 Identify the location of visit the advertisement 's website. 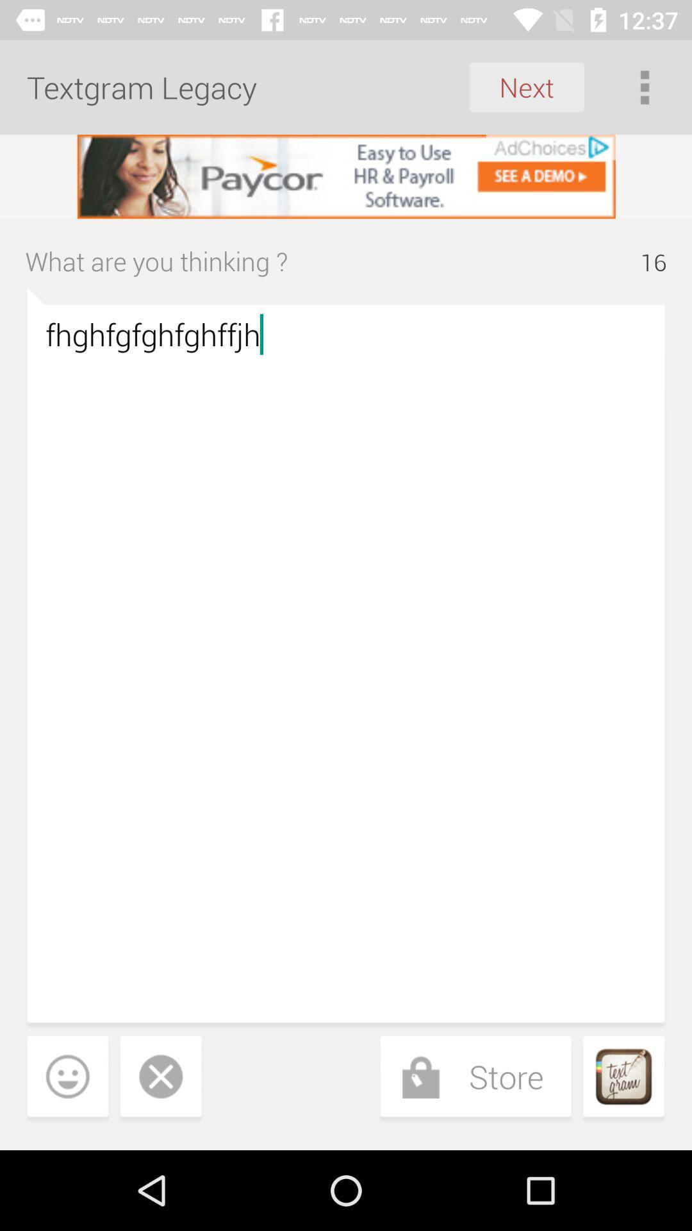
(346, 176).